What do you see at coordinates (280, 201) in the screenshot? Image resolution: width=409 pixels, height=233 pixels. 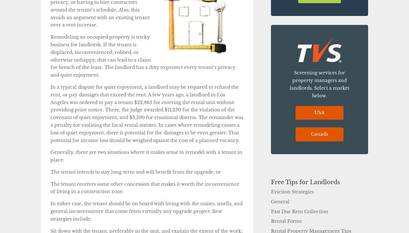 I see `'General'` at bounding box center [280, 201].